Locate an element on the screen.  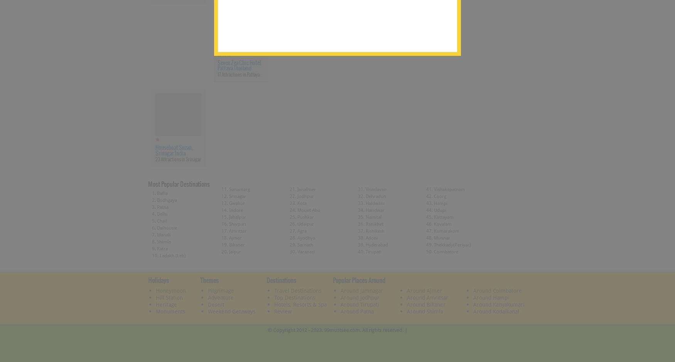
'Bodhgaya' is located at coordinates (166, 200).